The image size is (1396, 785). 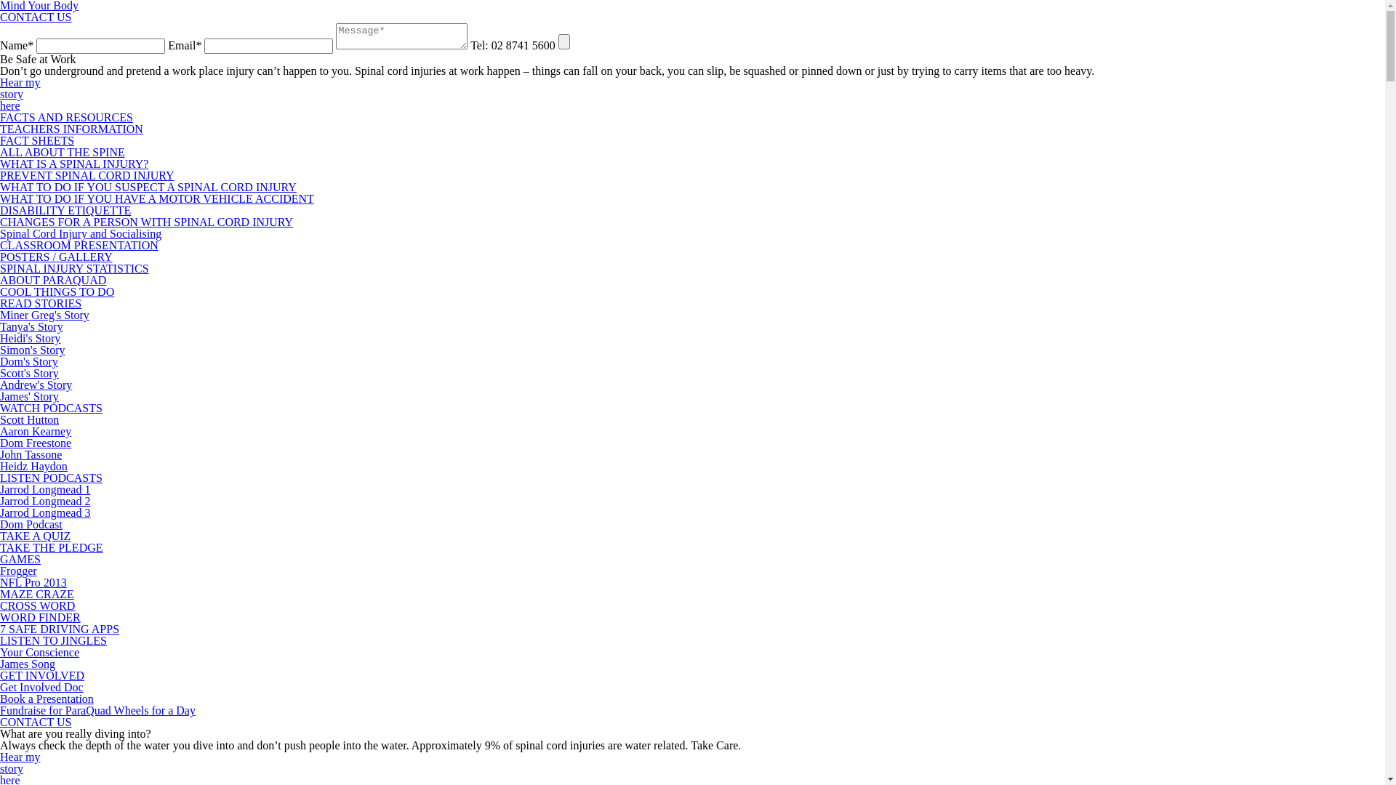 What do you see at coordinates (157, 198) in the screenshot?
I see `'WHAT TO DO IF YOU HAVE A MOTOR VEHICLE ACCIDENT'` at bounding box center [157, 198].